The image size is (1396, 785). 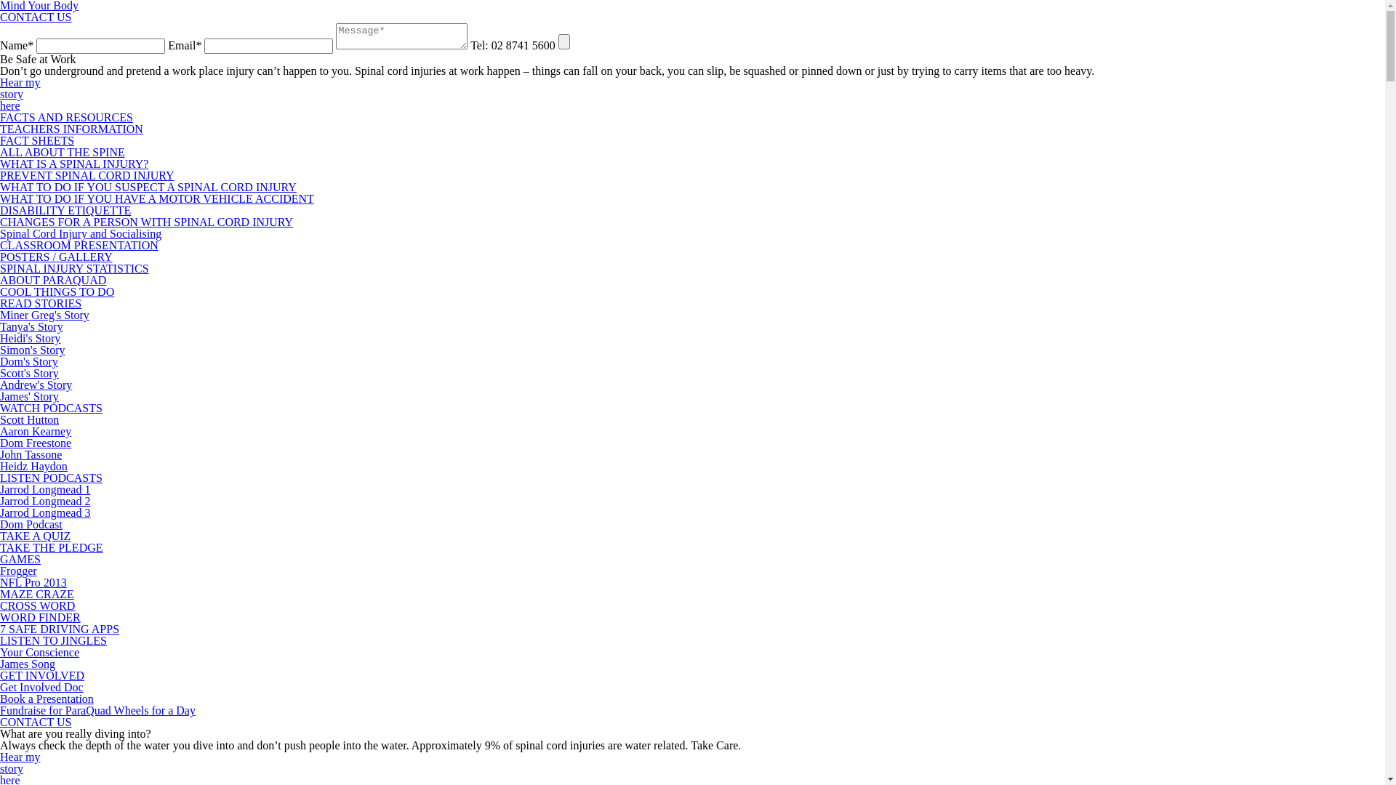 What do you see at coordinates (157, 198) in the screenshot?
I see `'WHAT TO DO IF YOU HAVE A MOTOR VEHICLE ACCIDENT'` at bounding box center [157, 198].